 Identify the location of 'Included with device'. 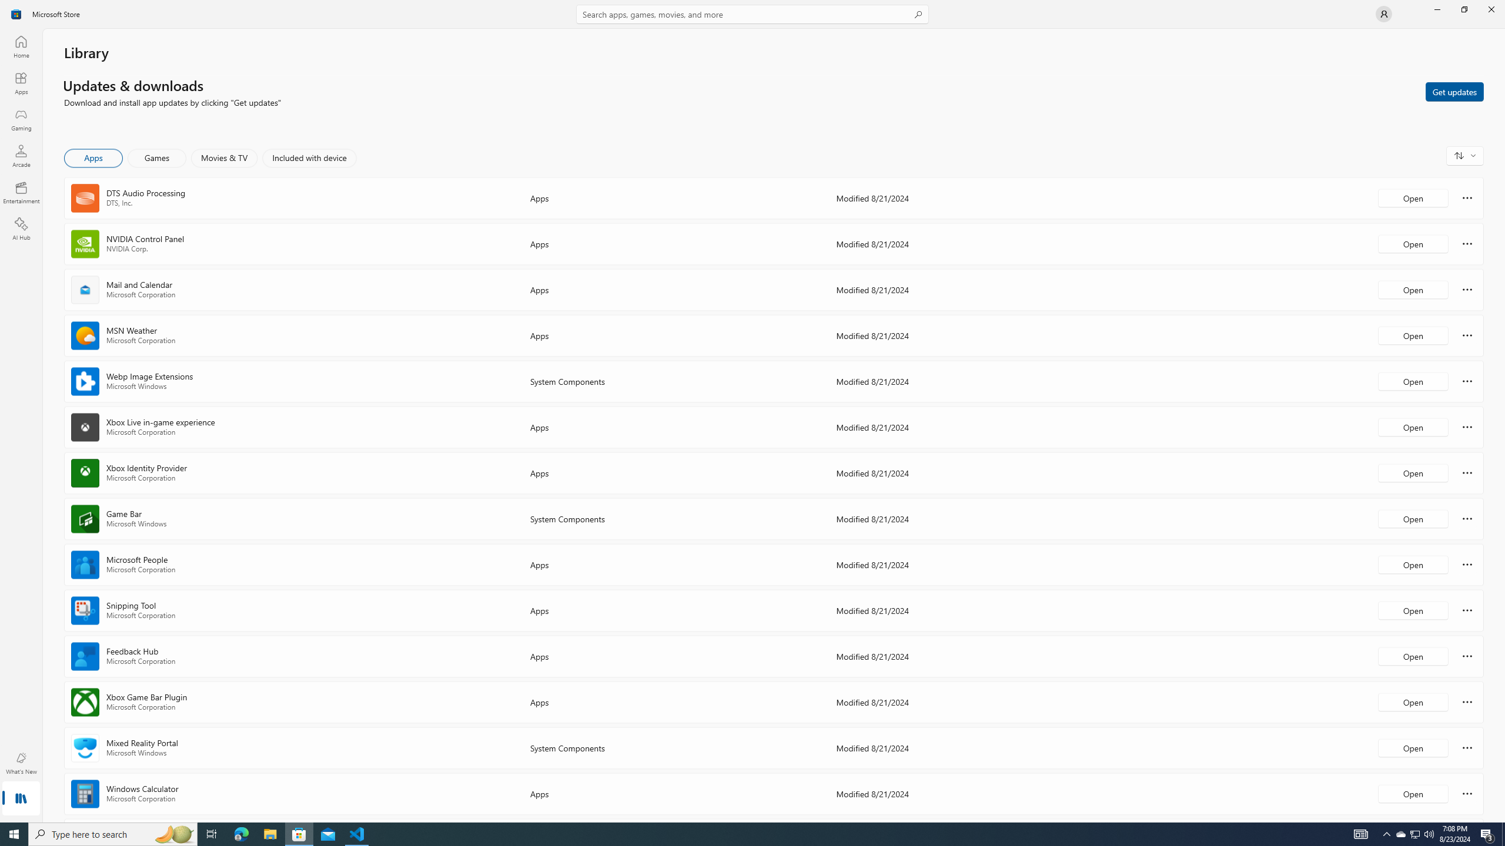
(309, 157).